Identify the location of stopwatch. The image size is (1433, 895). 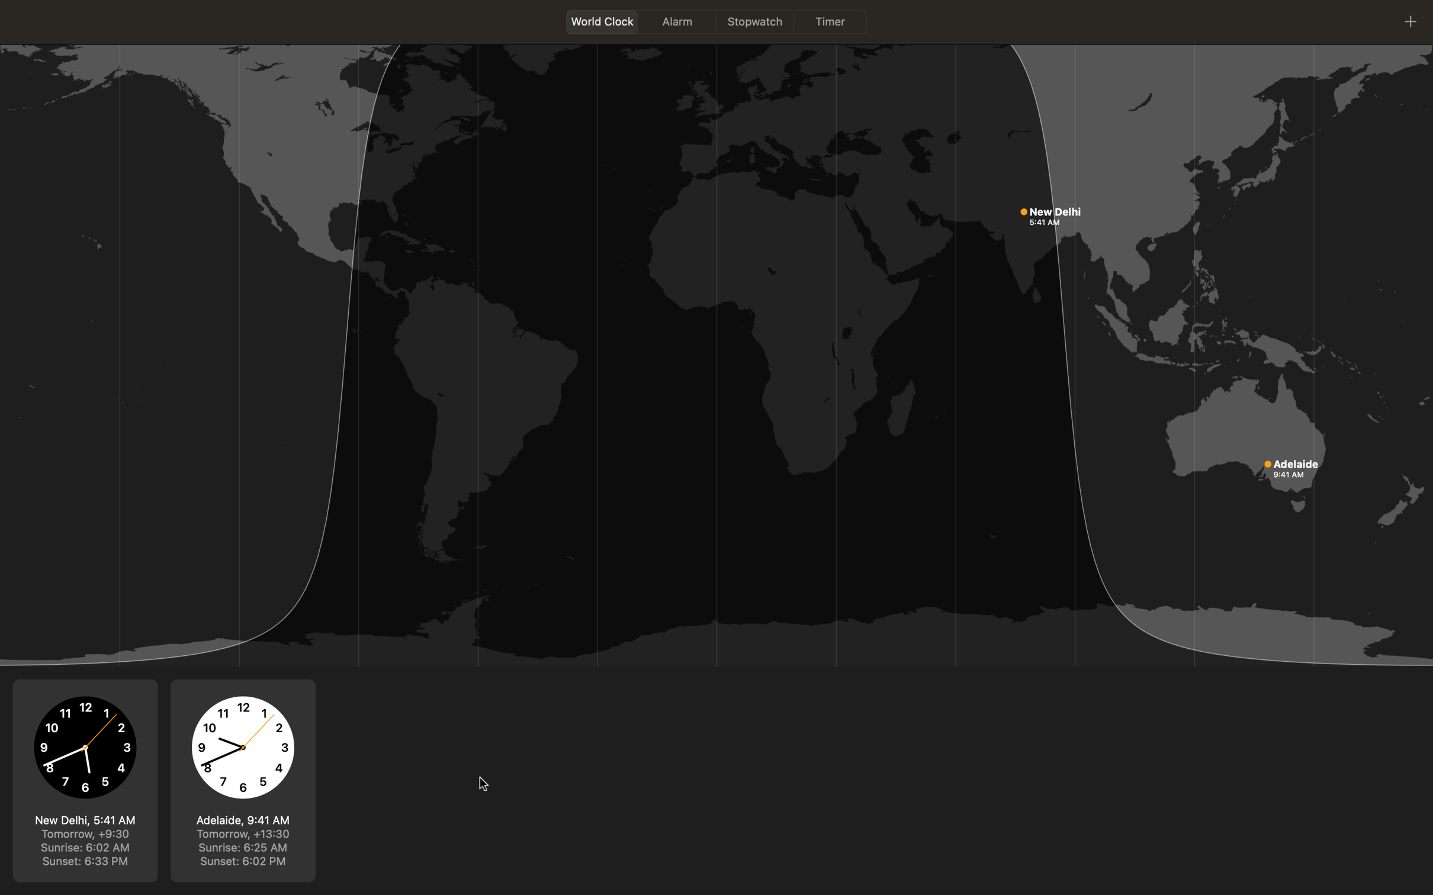
(756, 21).